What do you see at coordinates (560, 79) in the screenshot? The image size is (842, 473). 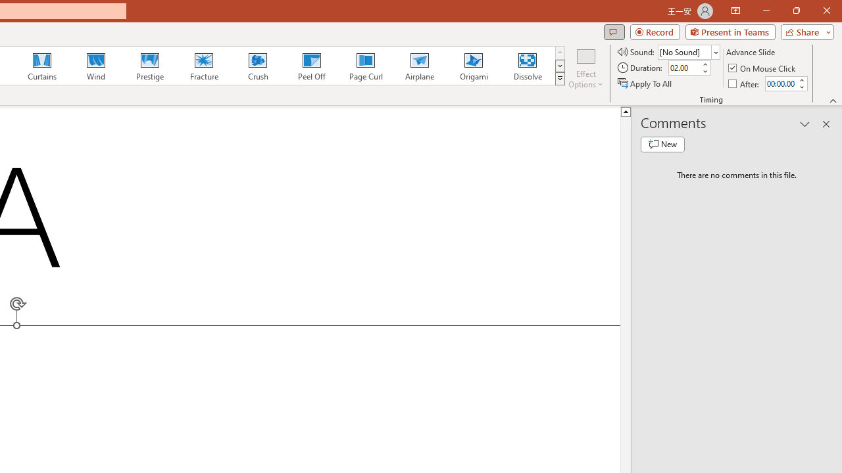 I see `'Transition Effects'` at bounding box center [560, 79].